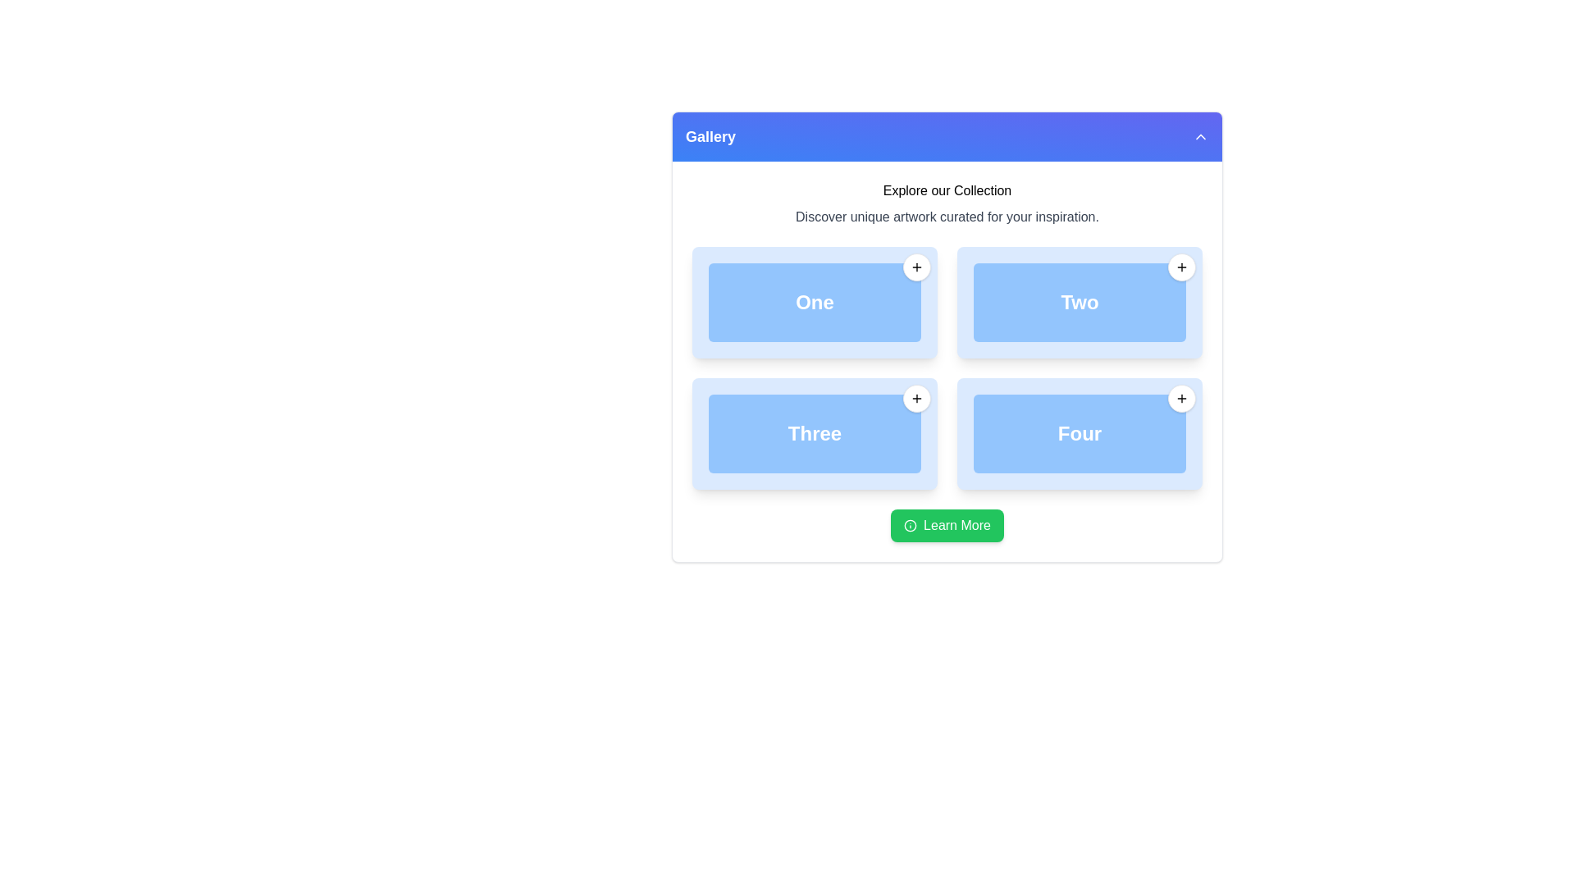 Image resolution: width=1575 pixels, height=886 pixels. I want to click on the card in the bottom-left position of a 2x2 grid layout, which is related to 'Three', so click(815, 432).